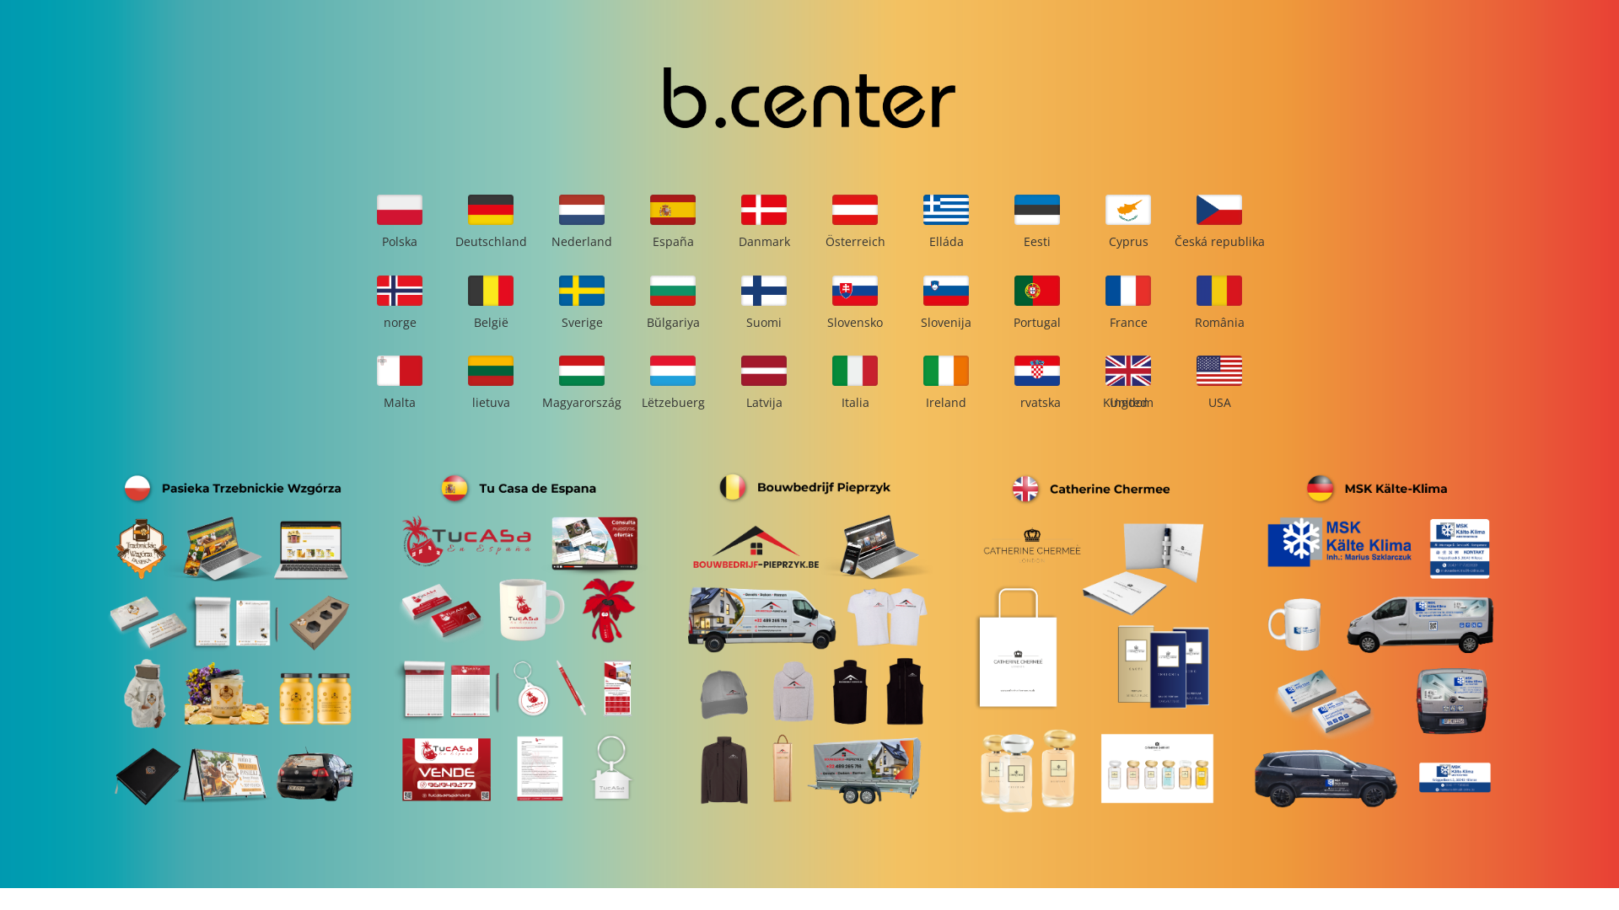 This screenshot has height=910, width=1619. I want to click on 'Nederland', so click(582, 241).